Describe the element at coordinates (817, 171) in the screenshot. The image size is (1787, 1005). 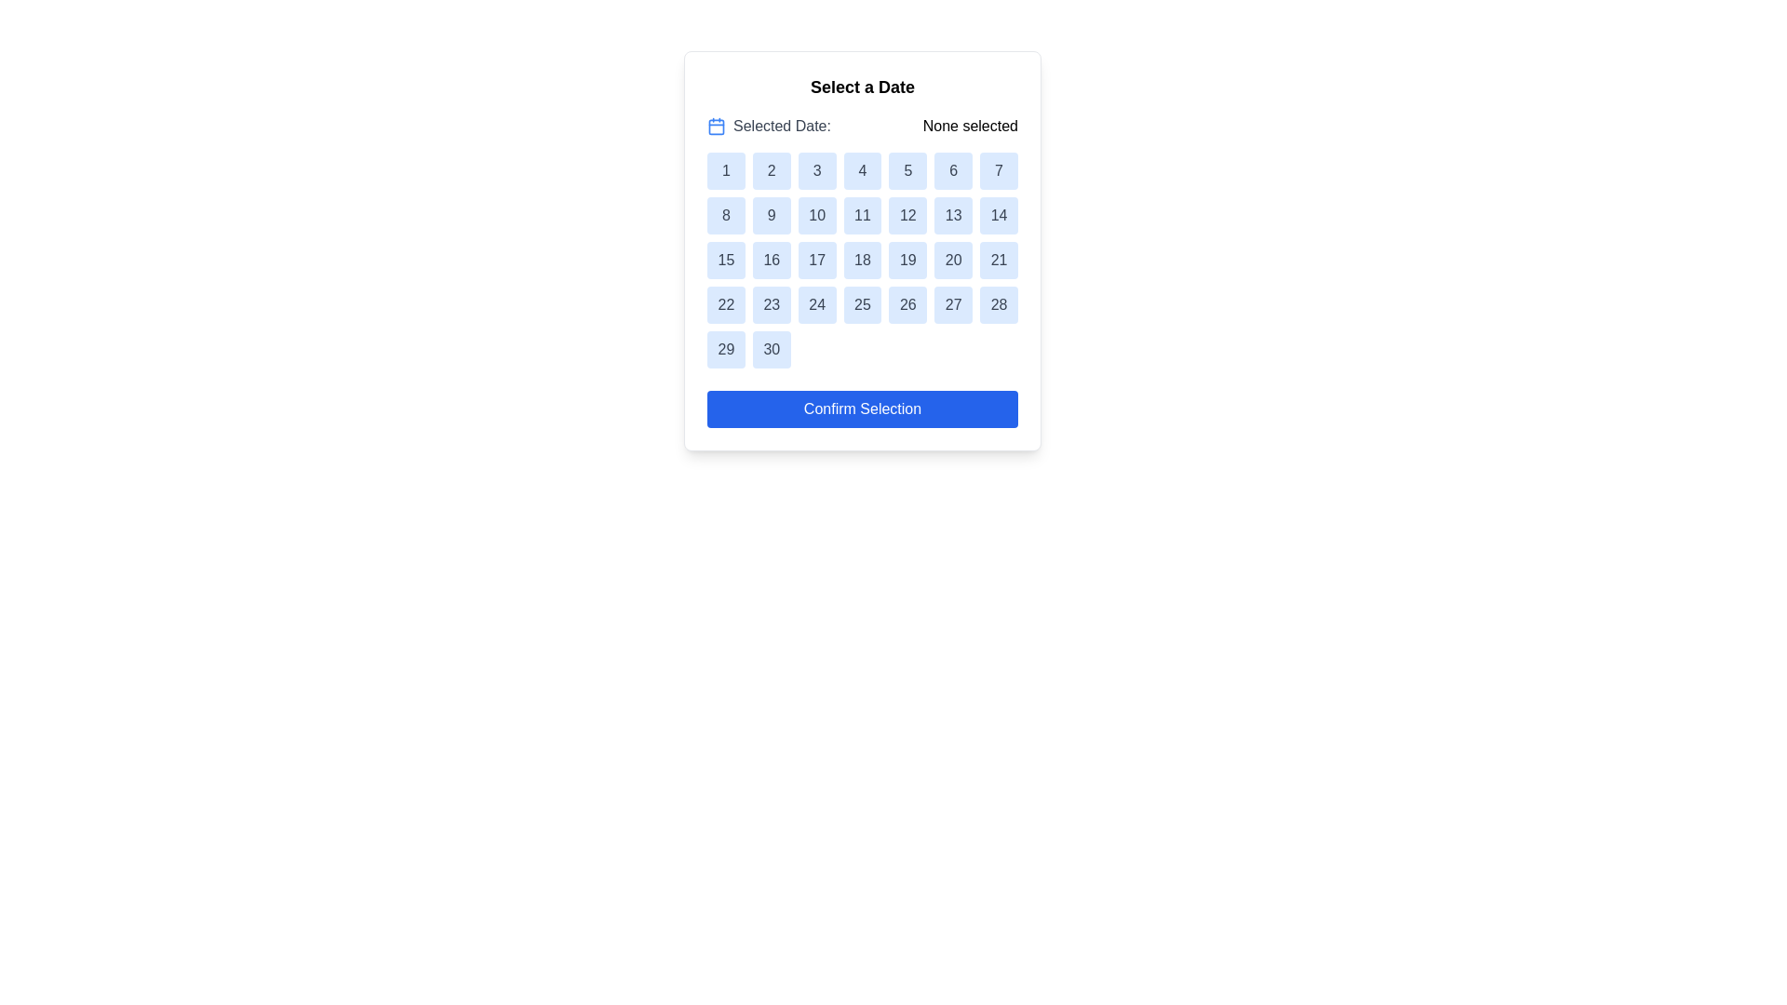
I see `the button representing the date '3'` at that location.